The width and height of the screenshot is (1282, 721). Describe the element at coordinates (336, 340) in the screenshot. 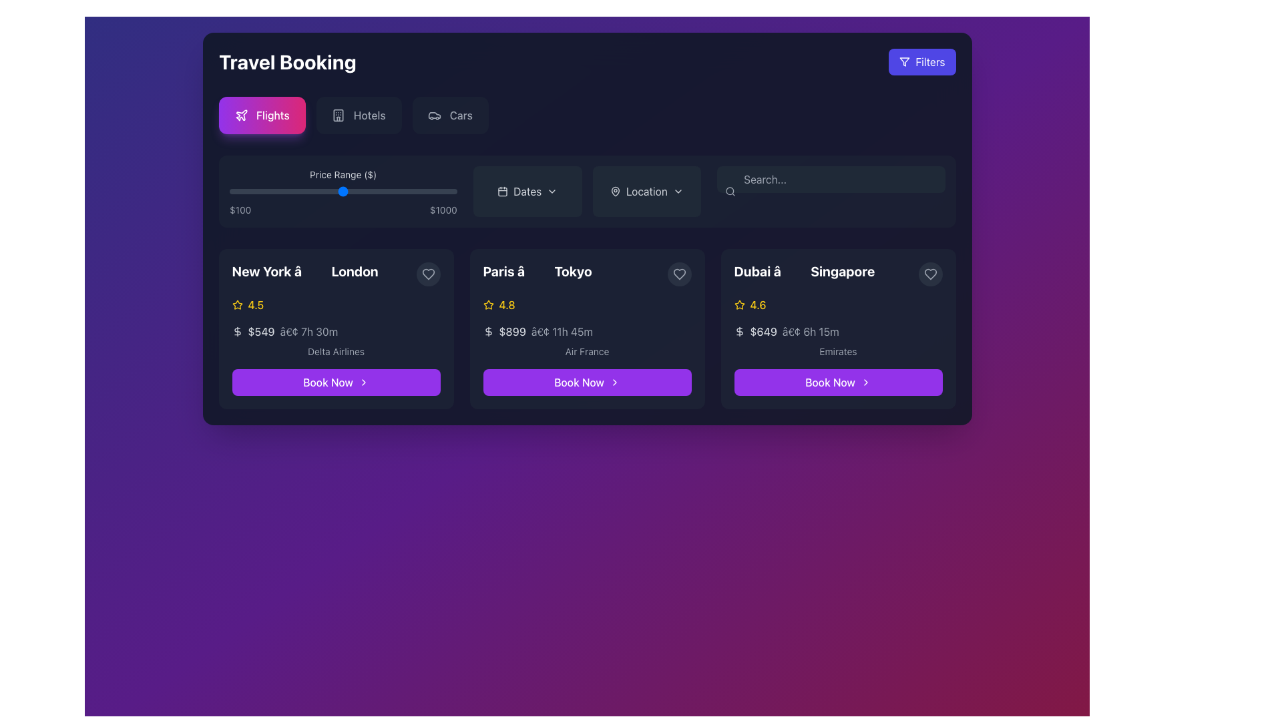

I see `the Text Display Area that shows the price, duration, and airline information for the flight itinerary, specifically displaying '$549 • 7h 30m' and 'Delta Airlines'` at that location.